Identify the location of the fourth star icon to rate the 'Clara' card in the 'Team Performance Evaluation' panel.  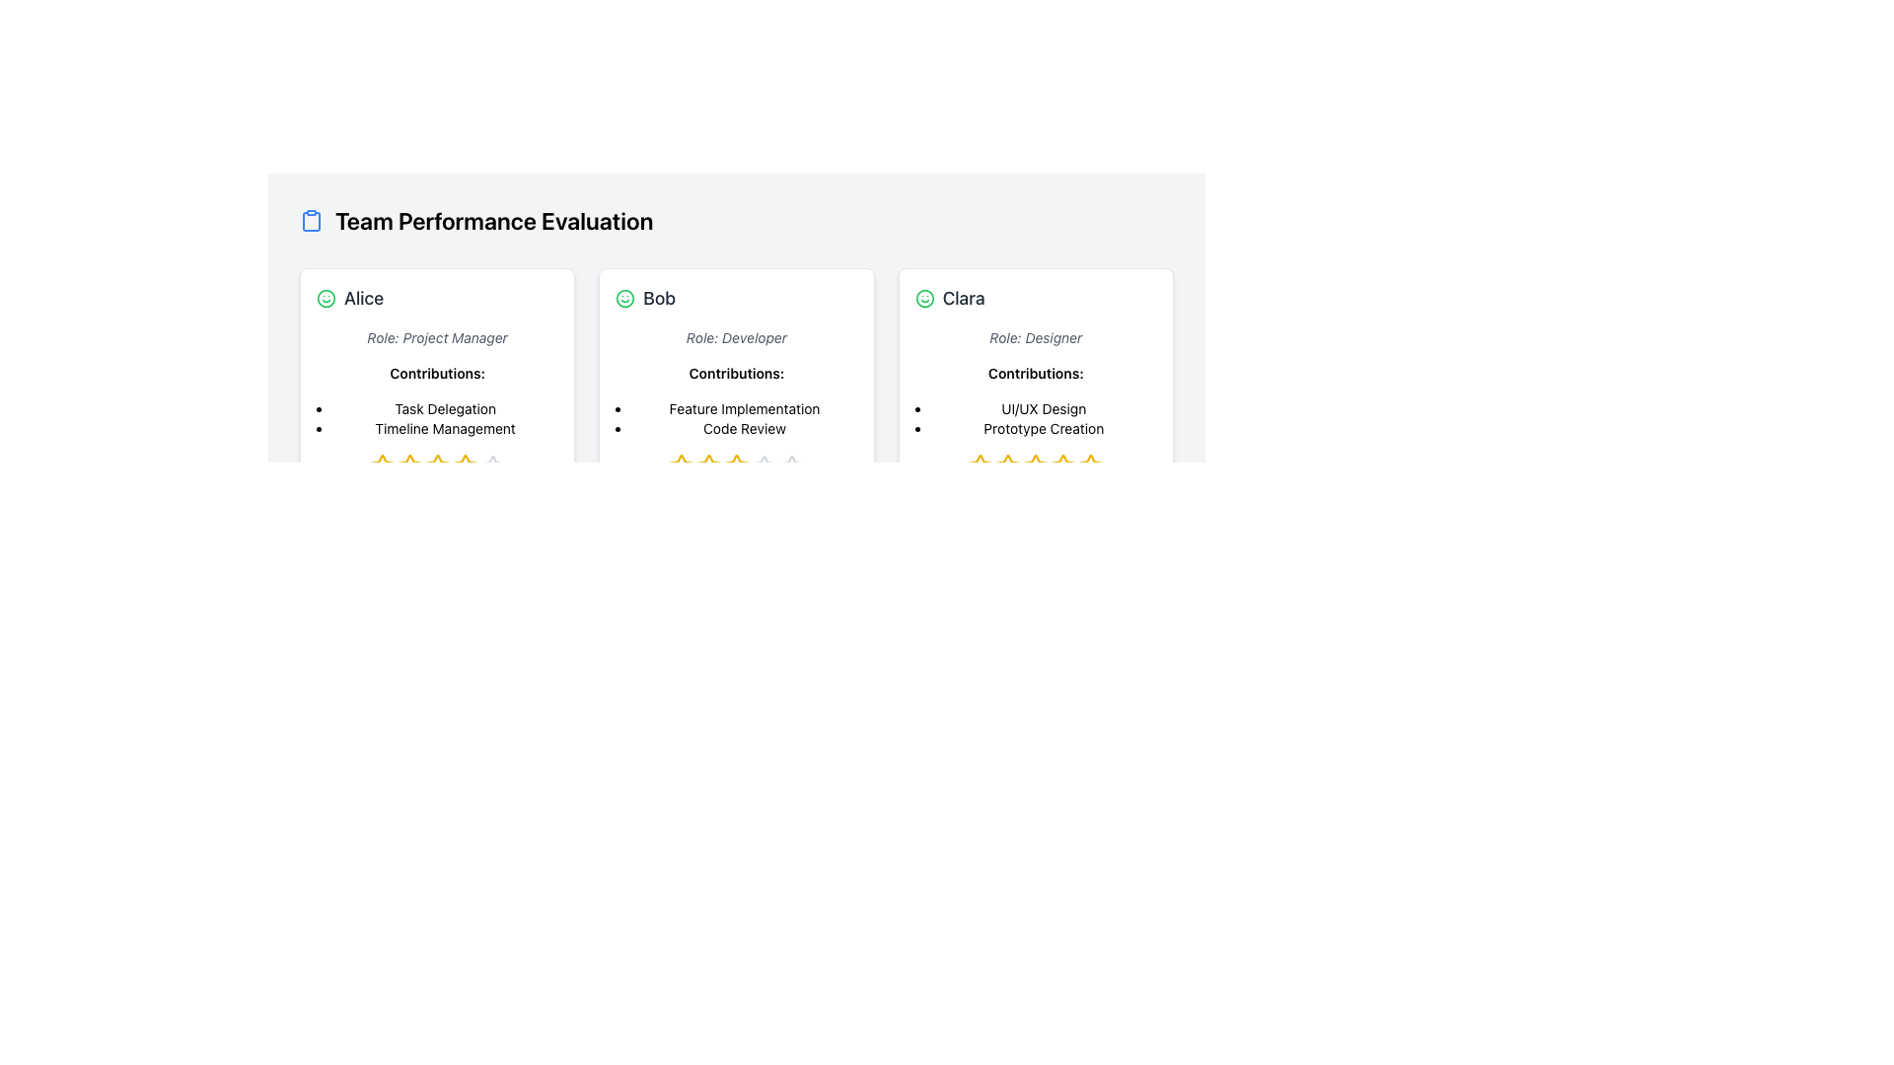
(1062, 465).